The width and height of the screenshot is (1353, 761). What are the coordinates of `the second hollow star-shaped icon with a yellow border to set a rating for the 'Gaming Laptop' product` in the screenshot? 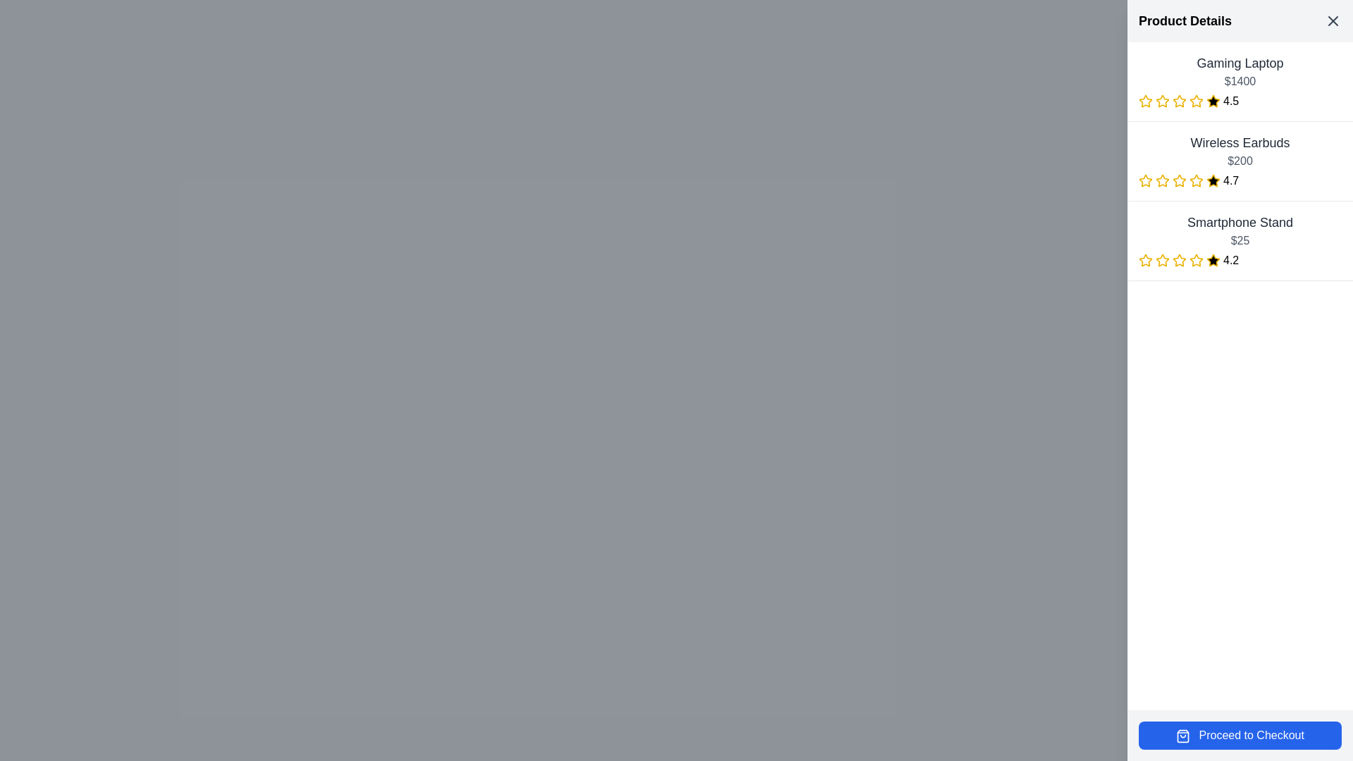 It's located at (1179, 99).